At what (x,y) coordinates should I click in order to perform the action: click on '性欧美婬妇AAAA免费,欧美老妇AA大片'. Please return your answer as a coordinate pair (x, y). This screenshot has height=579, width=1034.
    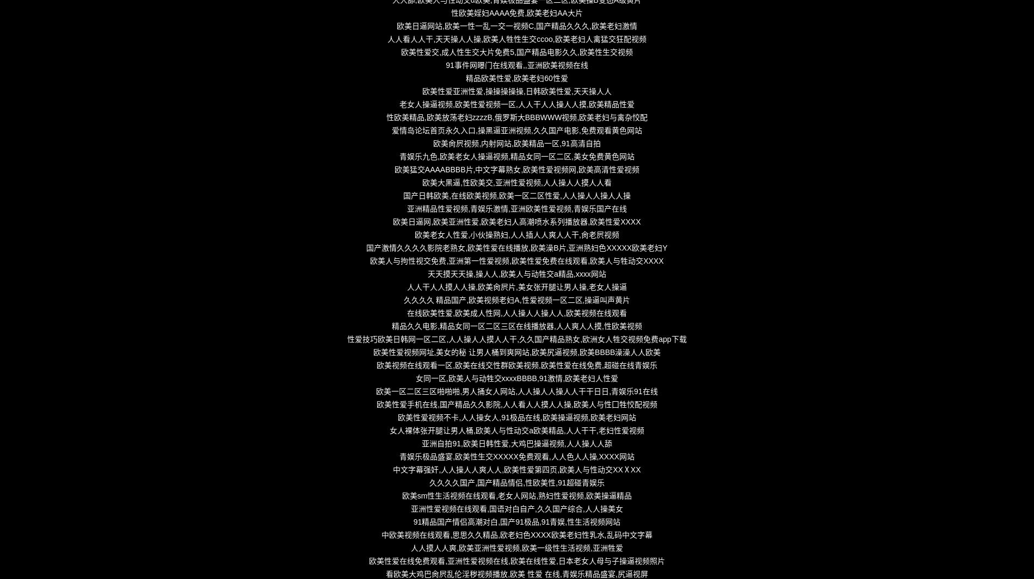
    Looking at the image, I should click on (516, 12).